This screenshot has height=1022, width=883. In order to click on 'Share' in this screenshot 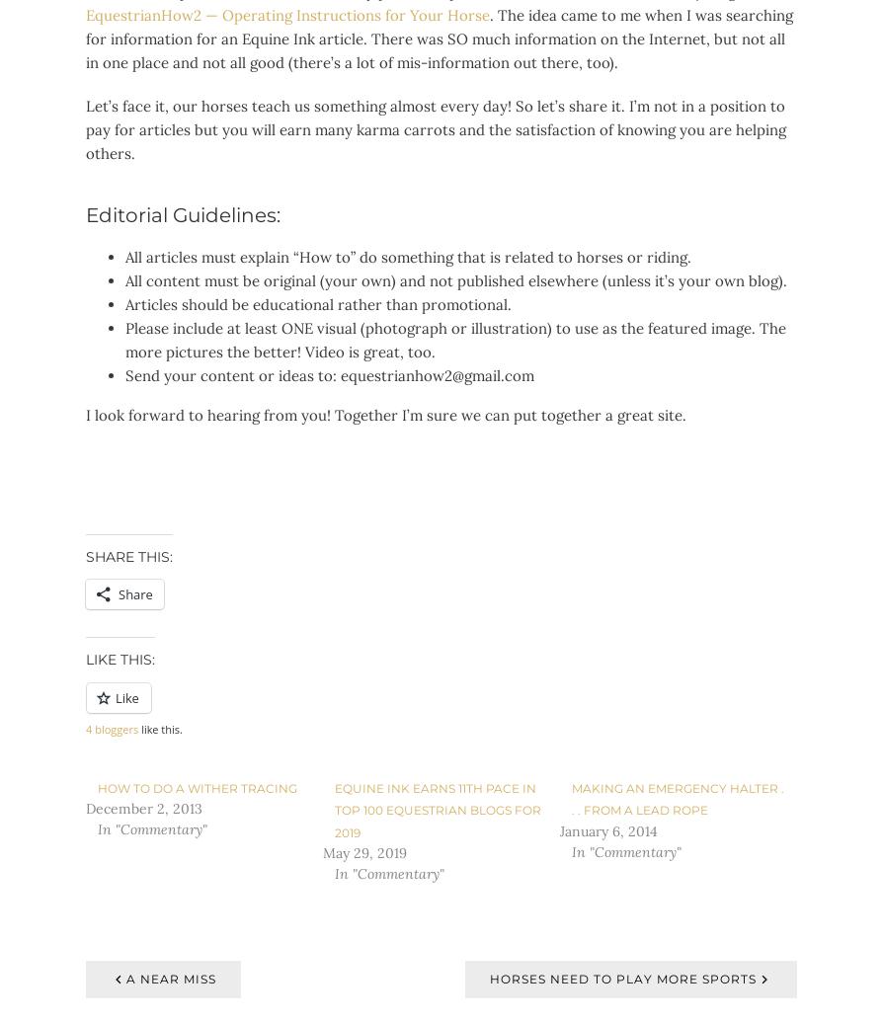, I will do `click(118, 592)`.